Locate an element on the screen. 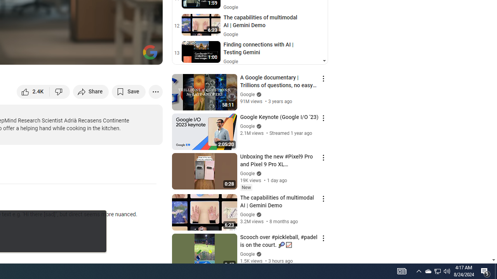 This screenshot has width=497, height=279. 'Dislike this video' is located at coordinates (59, 91).